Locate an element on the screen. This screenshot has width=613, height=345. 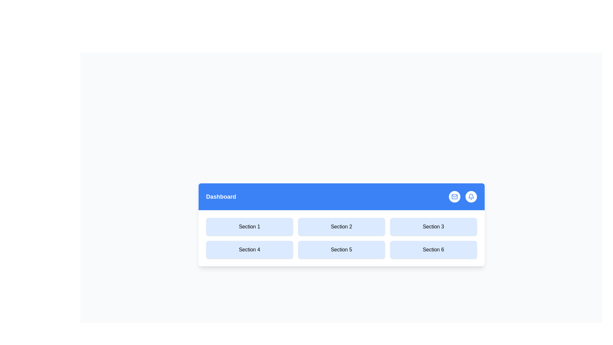
the minimalistic envelope icon with a circular background in the top-right corner of the blue navigation bar is located at coordinates (454, 196).